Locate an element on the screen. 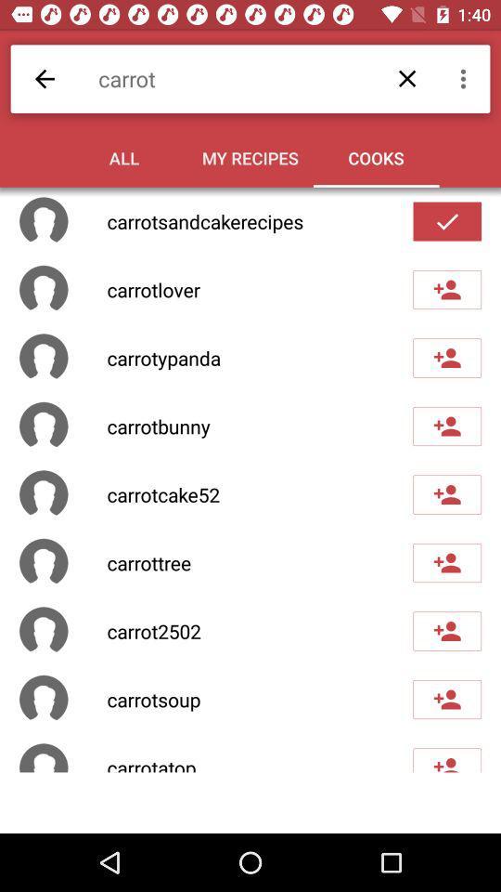  the tick icon is located at coordinates (446, 222).